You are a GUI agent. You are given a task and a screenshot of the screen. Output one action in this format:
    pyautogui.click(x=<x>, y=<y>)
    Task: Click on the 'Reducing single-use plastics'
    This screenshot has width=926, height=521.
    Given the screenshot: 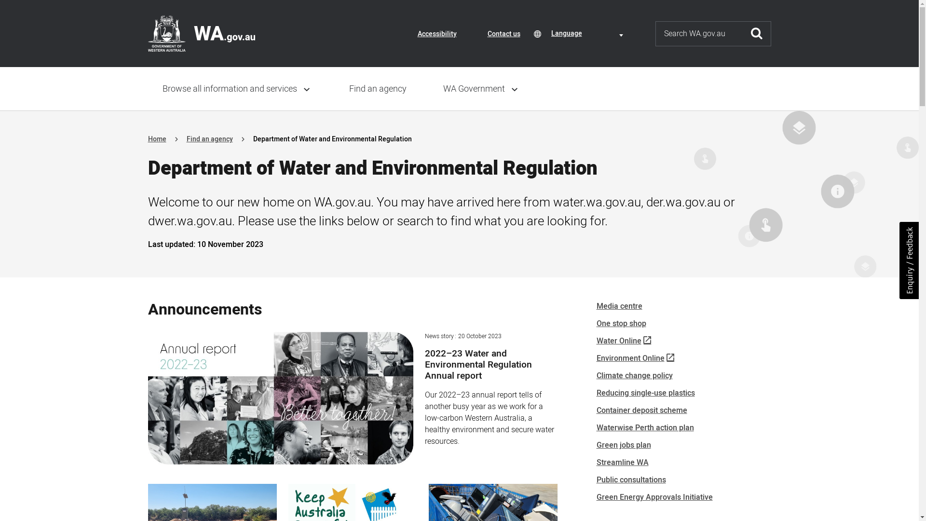 What is the action you would take?
    pyautogui.click(x=645, y=393)
    